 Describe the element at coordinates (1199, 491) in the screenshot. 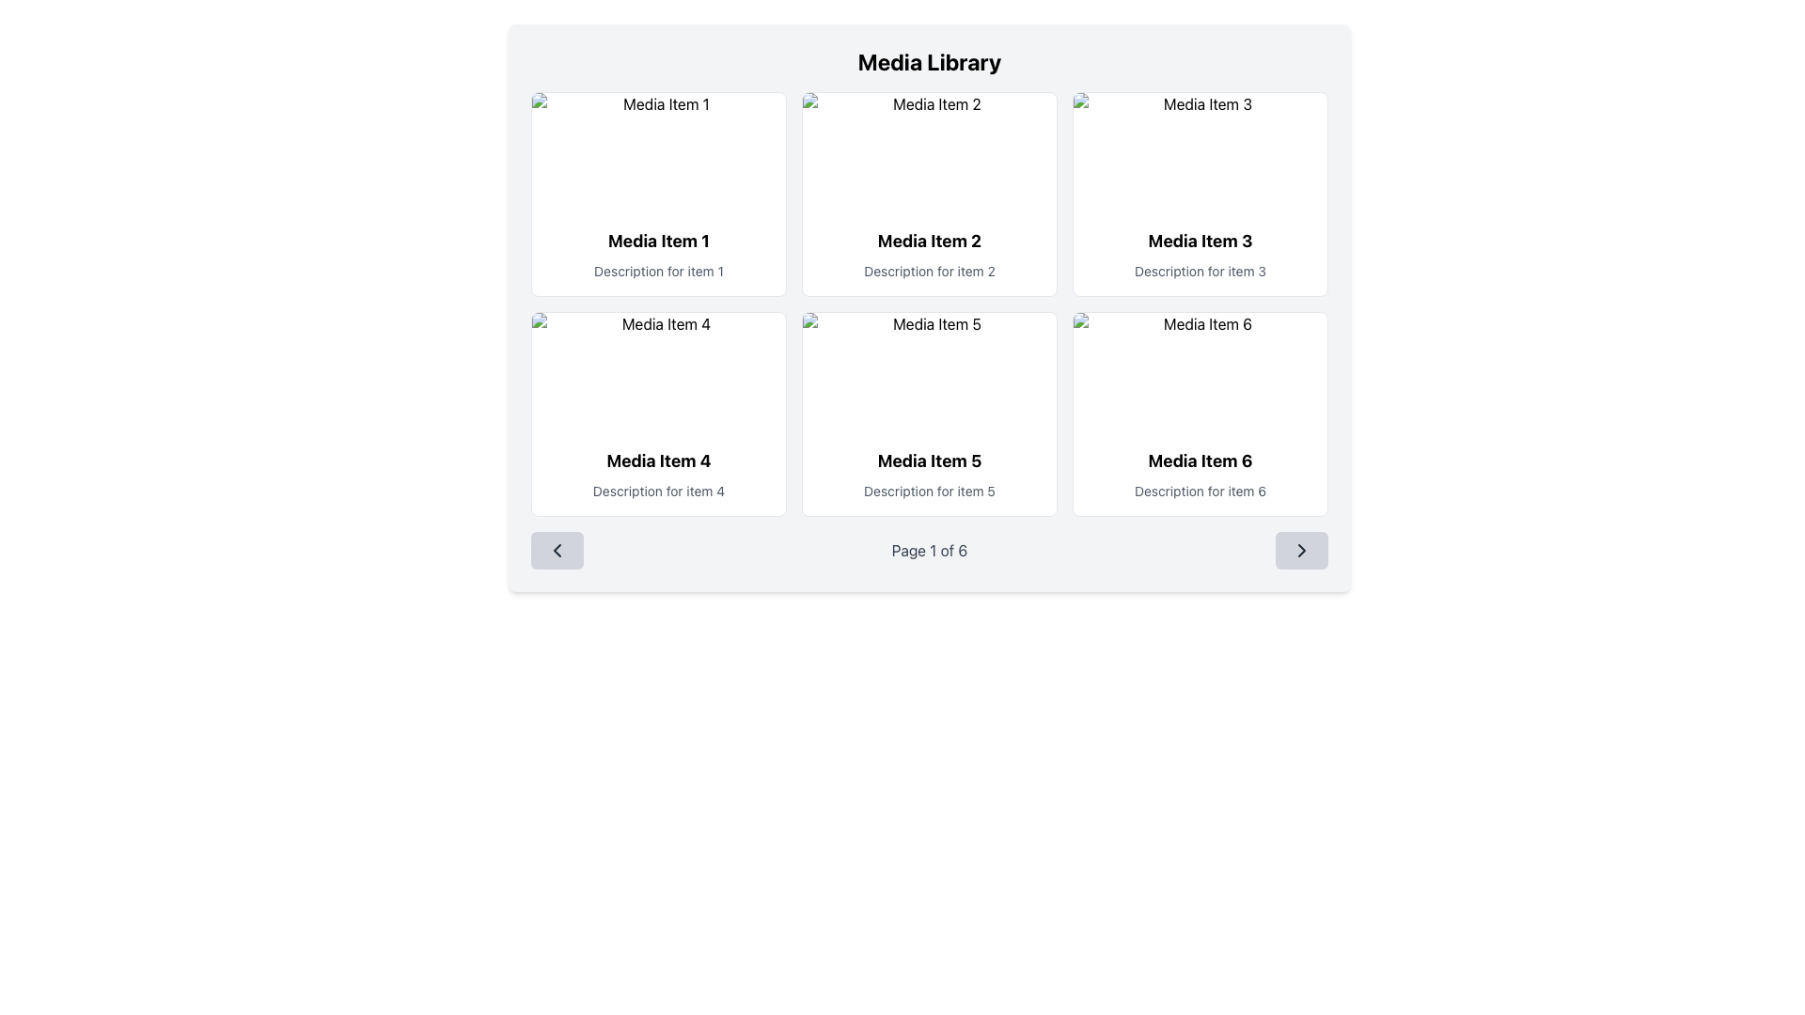

I see `the text providing additional information for the media item card titled 'Media Item 6' located in the last column of the second row of a 3x2 grid layout` at that location.